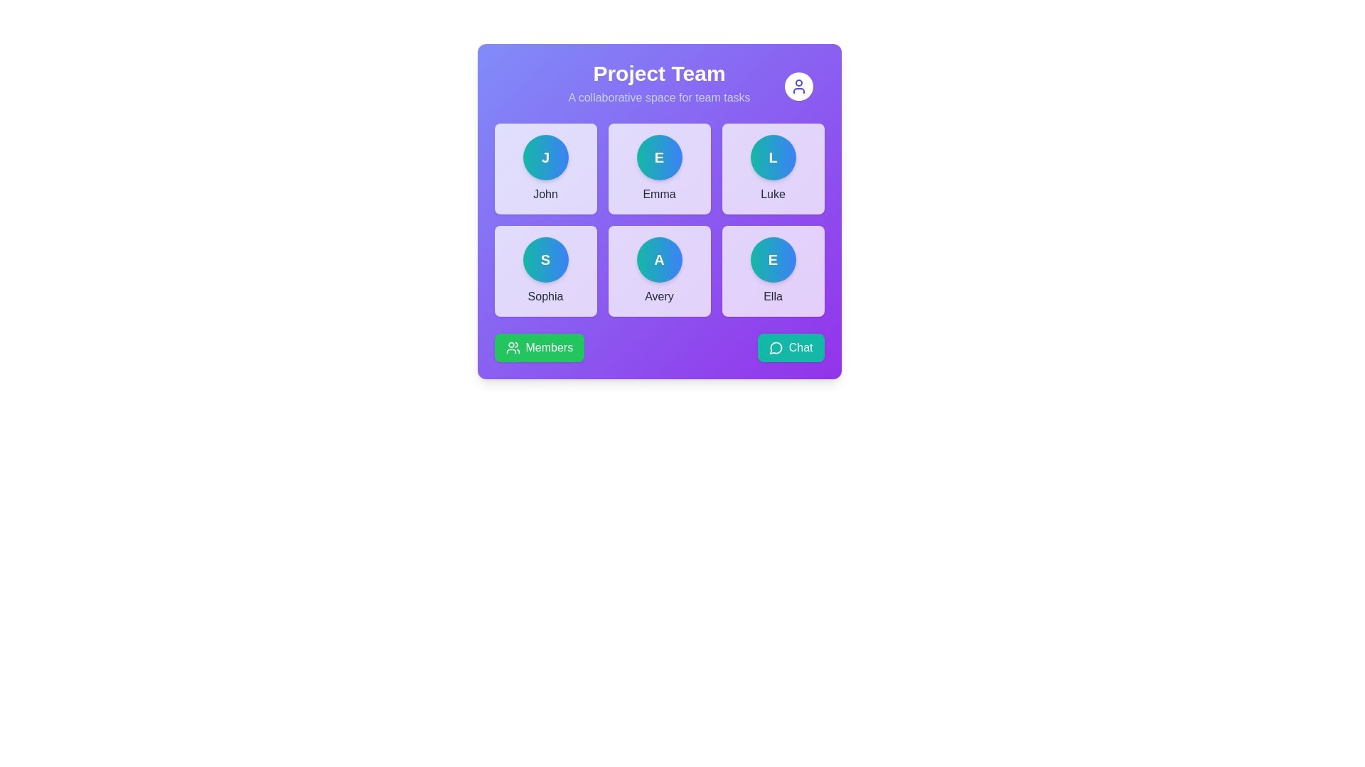  Describe the element at coordinates (772, 295) in the screenshot. I see `the text label located in the rightmost column of the bottom row, which provides the name identifier for the member associated with the avatar above it` at that location.